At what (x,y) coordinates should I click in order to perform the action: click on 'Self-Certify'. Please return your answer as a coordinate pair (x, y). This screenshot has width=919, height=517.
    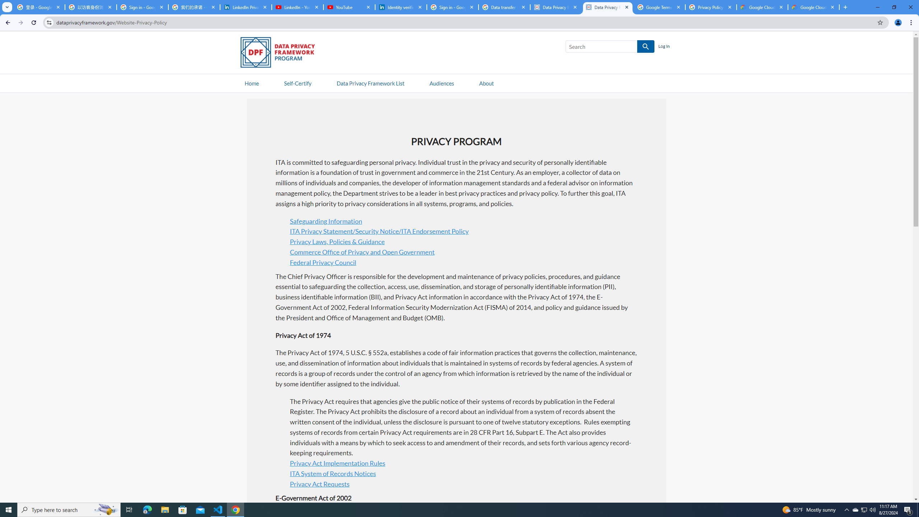
    Looking at the image, I should click on (297, 83).